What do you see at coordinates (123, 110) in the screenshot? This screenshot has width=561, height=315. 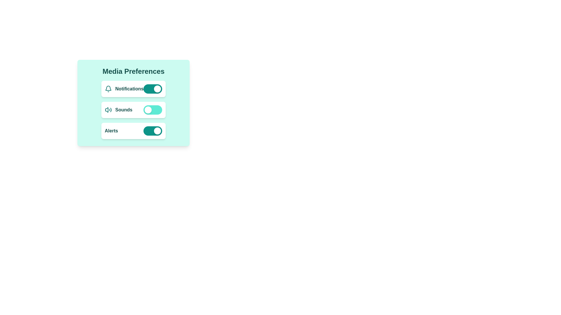 I see `the text label that describes the sound settings toggle switch, located in the second row of media preferences, to the right of the volume icon` at bounding box center [123, 110].